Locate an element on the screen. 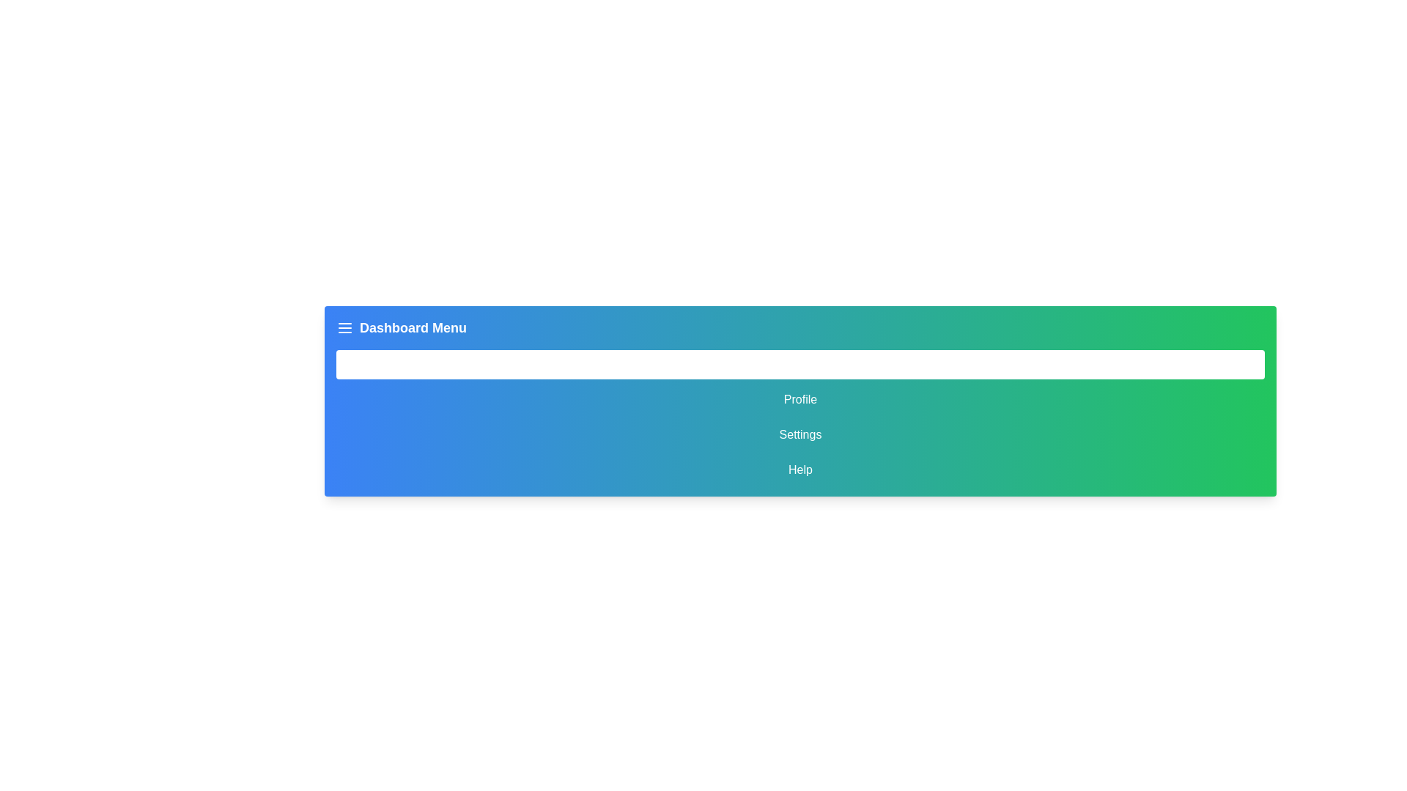  the 'Settings' button, which is a rectangular button with white text and a rounded border, located centrally in a gradient-colored navigation menu between 'Profile' and 'Help' is located at coordinates (799, 434).